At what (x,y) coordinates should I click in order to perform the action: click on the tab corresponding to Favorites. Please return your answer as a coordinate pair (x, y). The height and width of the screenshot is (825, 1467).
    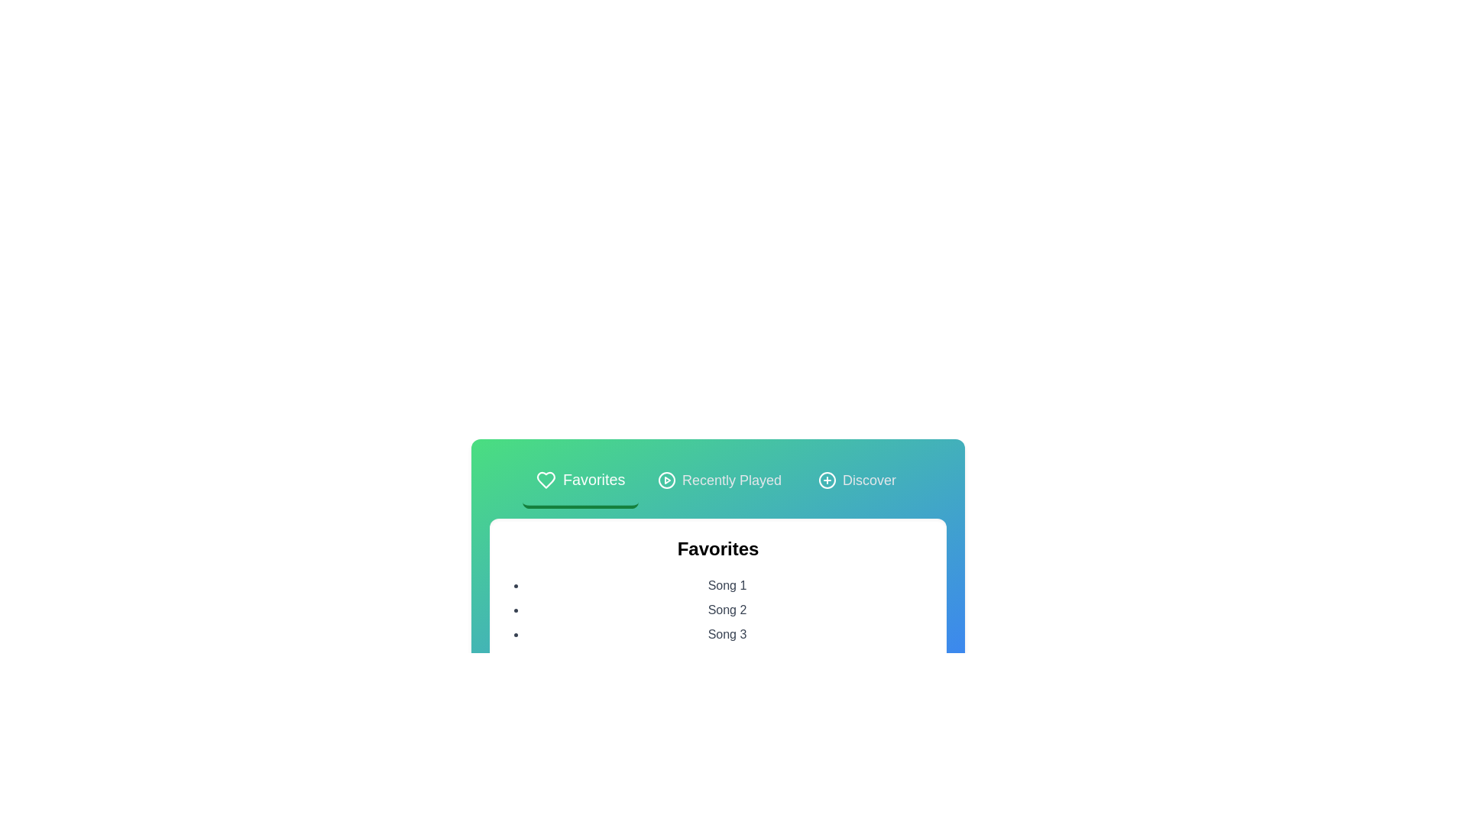
    Looking at the image, I should click on (579, 482).